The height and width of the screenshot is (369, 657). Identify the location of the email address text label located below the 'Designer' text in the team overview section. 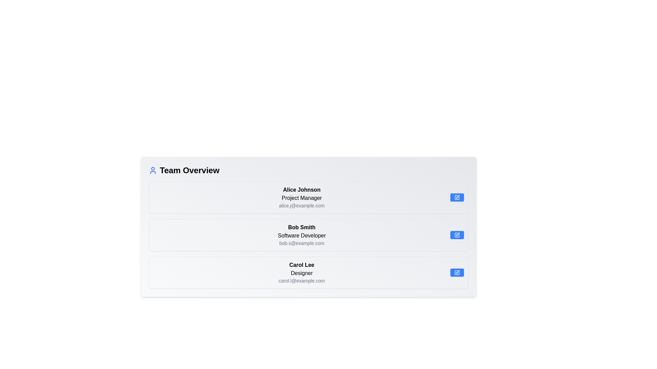
(301, 281).